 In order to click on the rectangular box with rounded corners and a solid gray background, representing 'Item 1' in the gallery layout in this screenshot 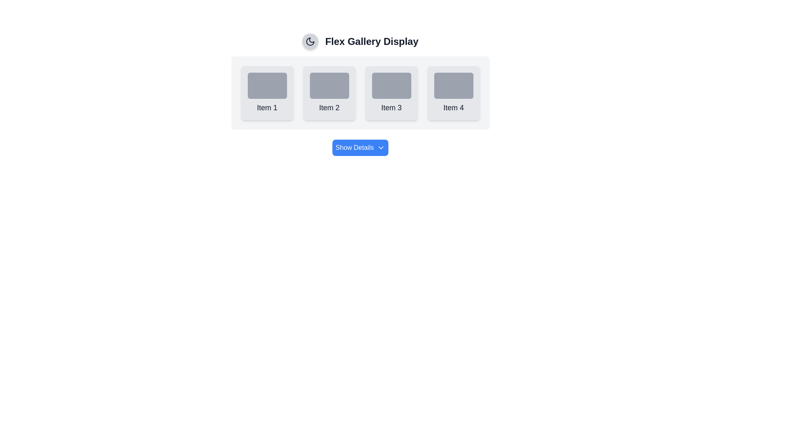, I will do `click(267, 85)`.